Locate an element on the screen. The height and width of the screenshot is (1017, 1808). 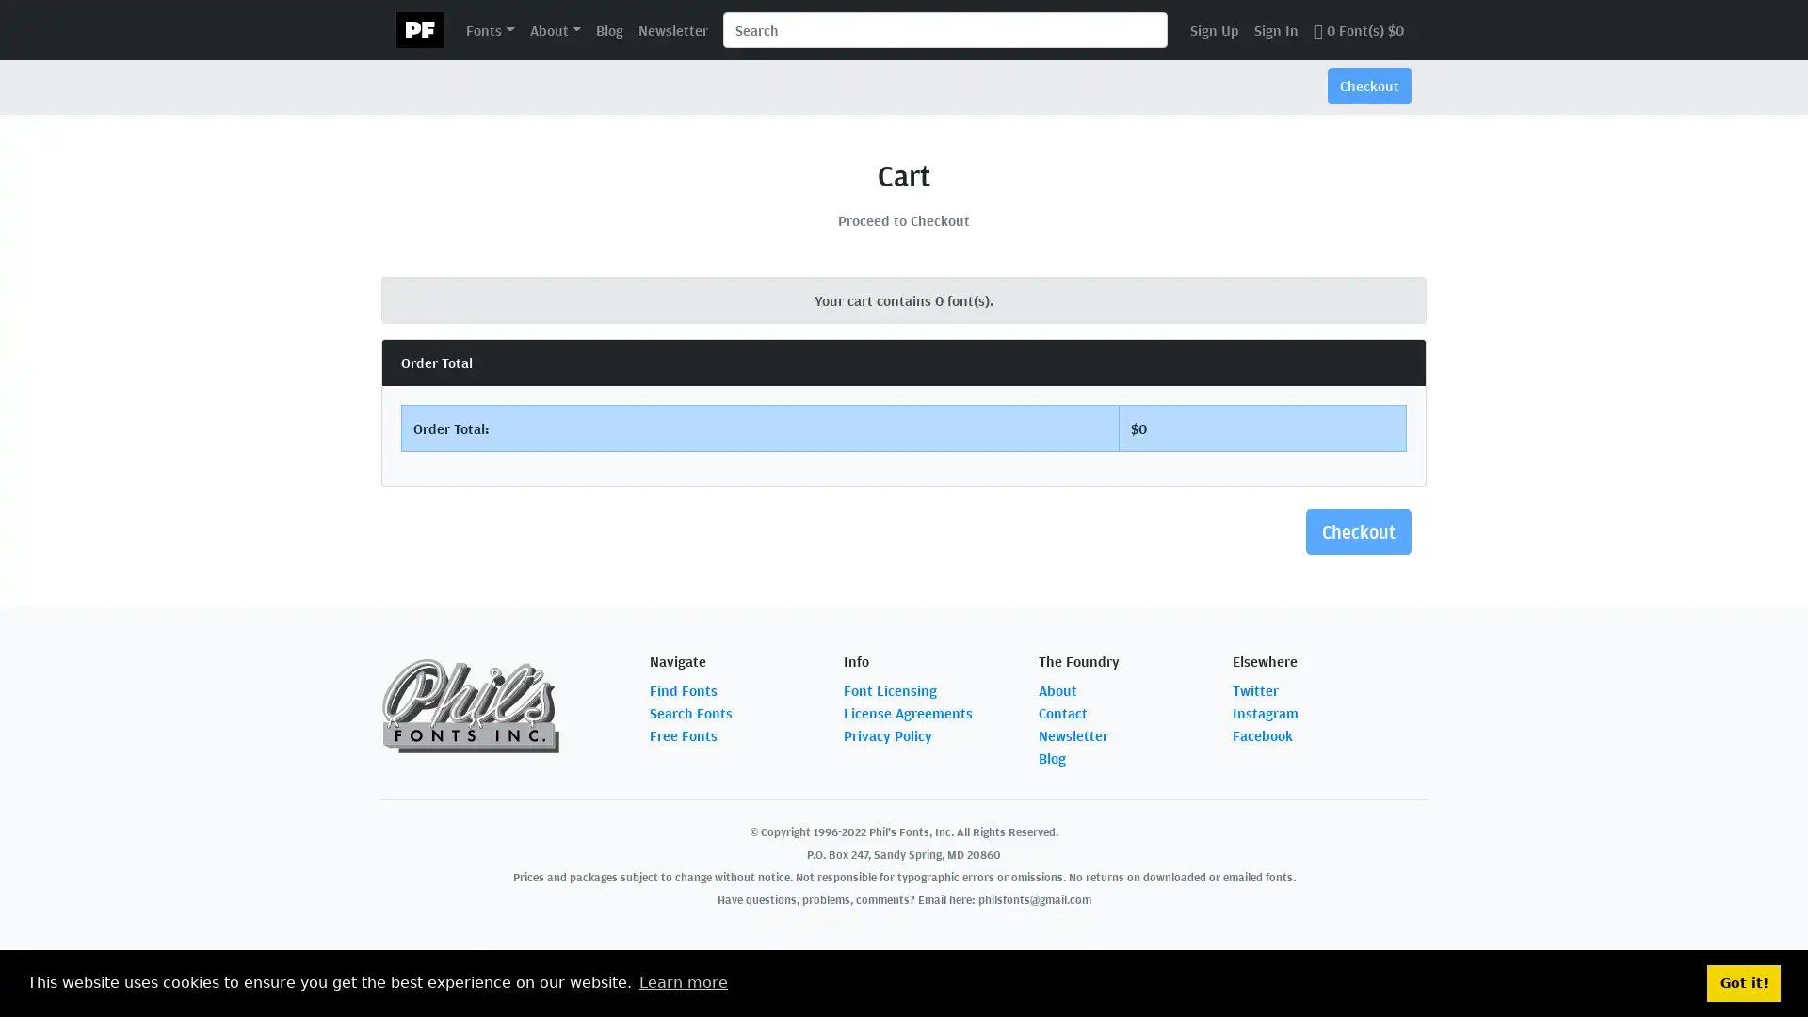
About is located at coordinates (554, 28).